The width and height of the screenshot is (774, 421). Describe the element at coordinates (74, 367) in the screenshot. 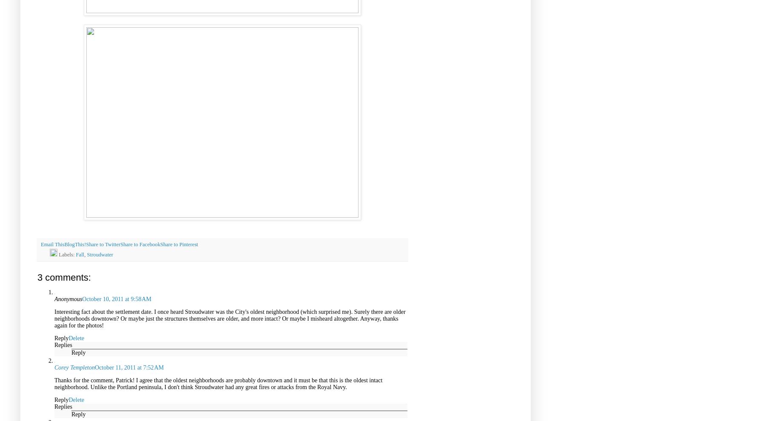

I see `'Corey Templeton'` at that location.